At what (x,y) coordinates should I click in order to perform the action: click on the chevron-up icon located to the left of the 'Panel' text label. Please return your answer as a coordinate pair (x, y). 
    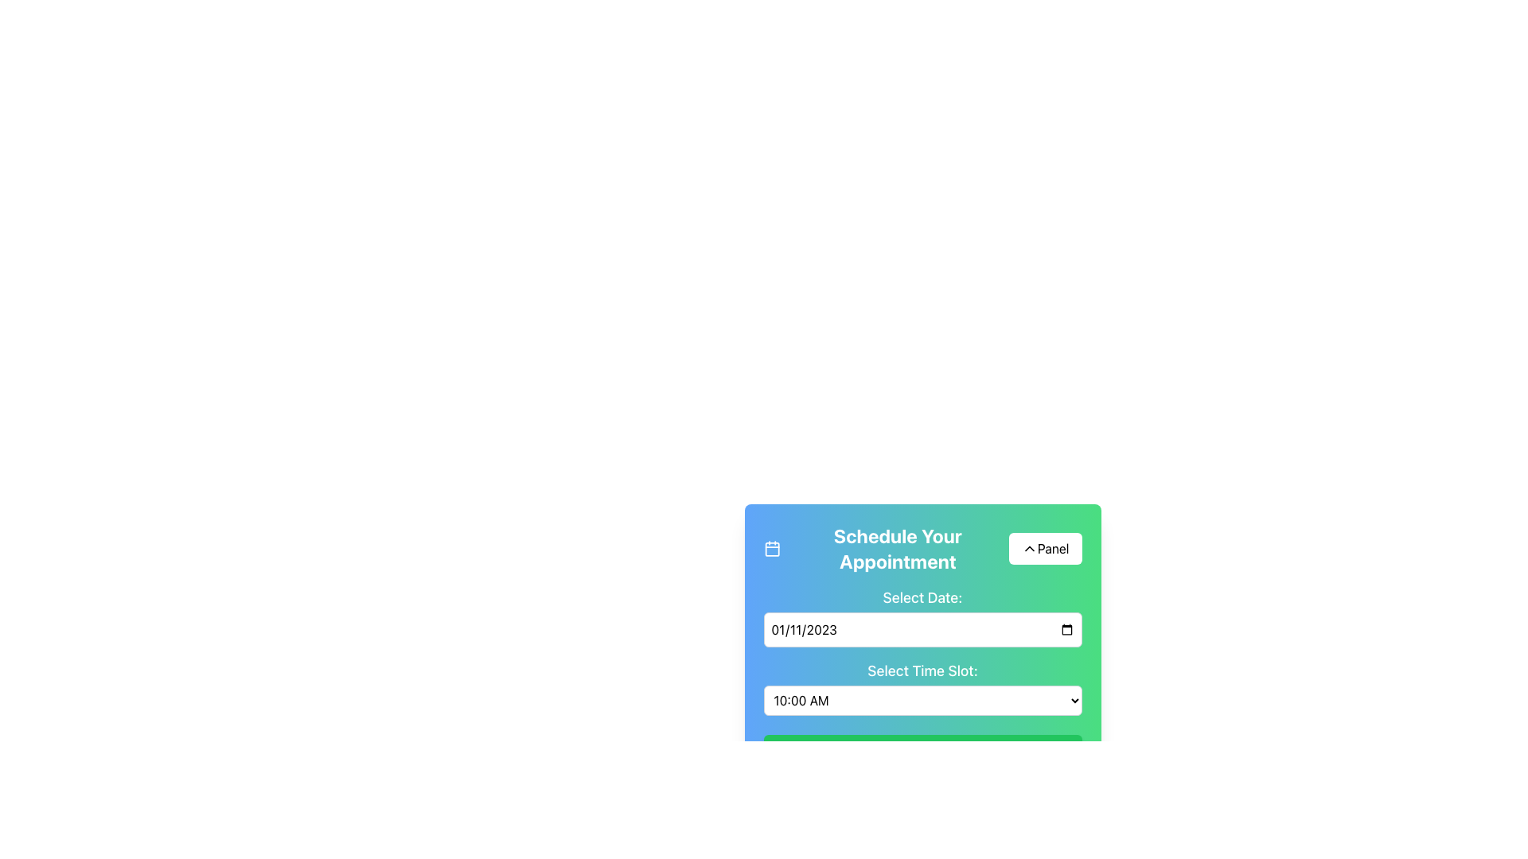
    Looking at the image, I should click on (1029, 548).